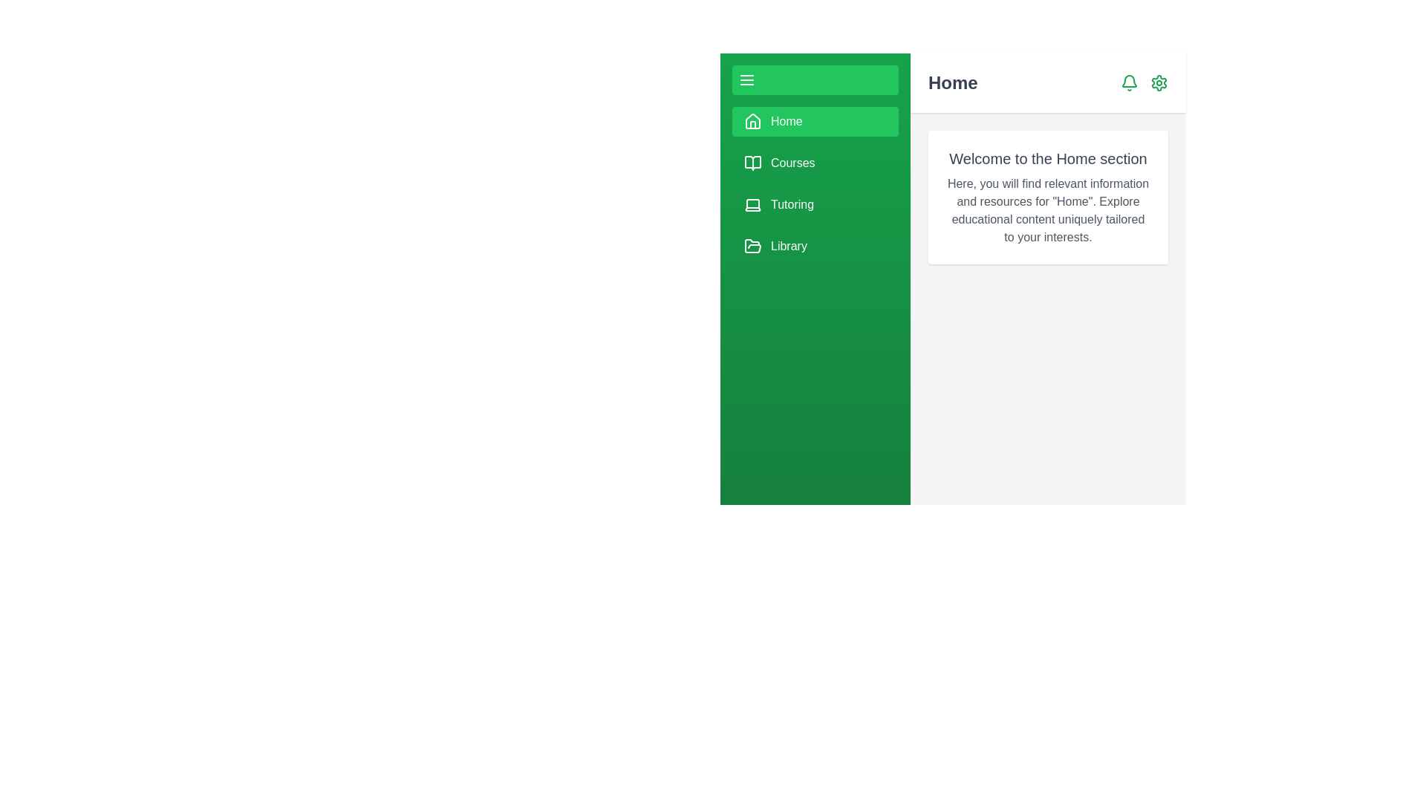 This screenshot has height=802, width=1426. What do you see at coordinates (752, 205) in the screenshot?
I see `the laptop icon which is part of the 'Tutoring' button in the side navigation bar, located to the left of the 'Tutoring' text label` at bounding box center [752, 205].